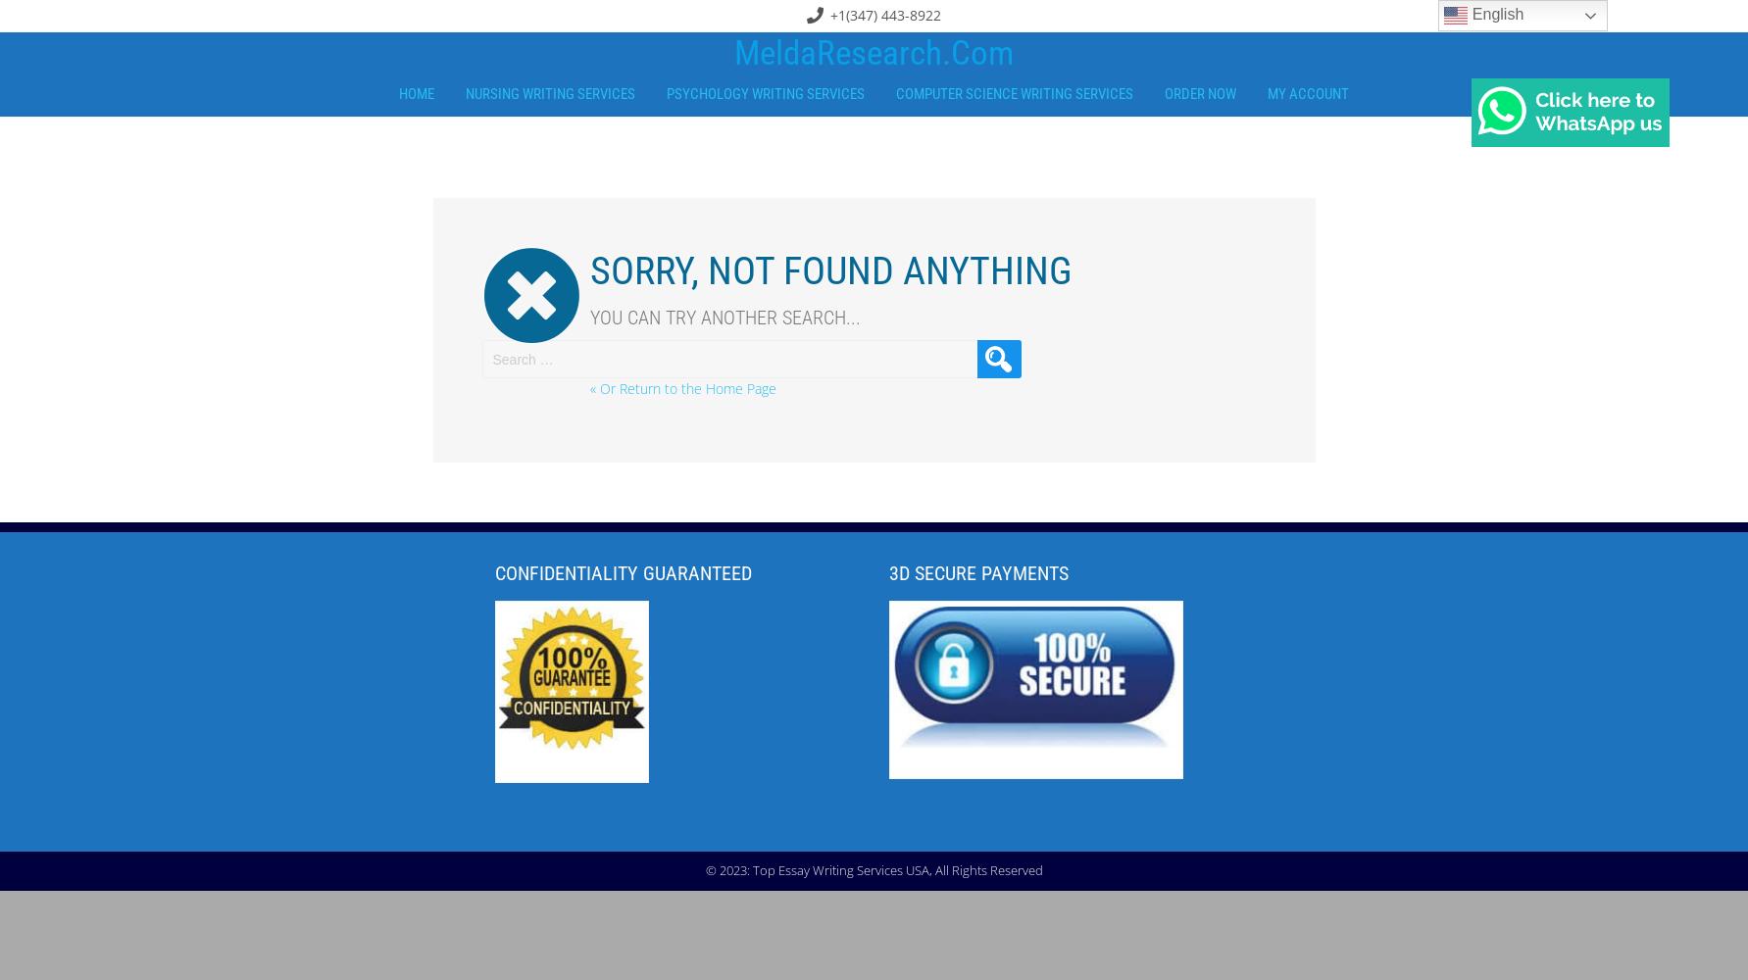 Image resolution: width=1748 pixels, height=980 pixels. Describe the element at coordinates (465, 93) in the screenshot. I see `'Nursing Writing Services'` at that location.